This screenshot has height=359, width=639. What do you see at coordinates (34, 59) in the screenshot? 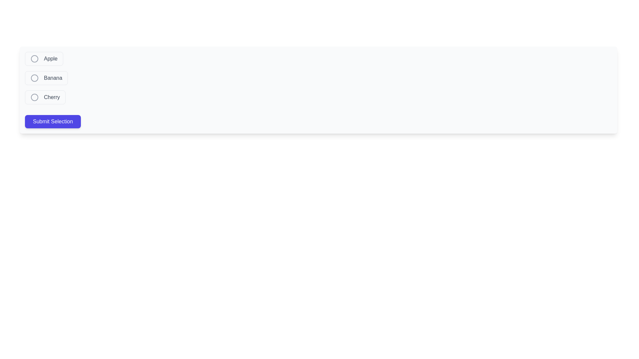
I see `the circle outline icon` at bounding box center [34, 59].